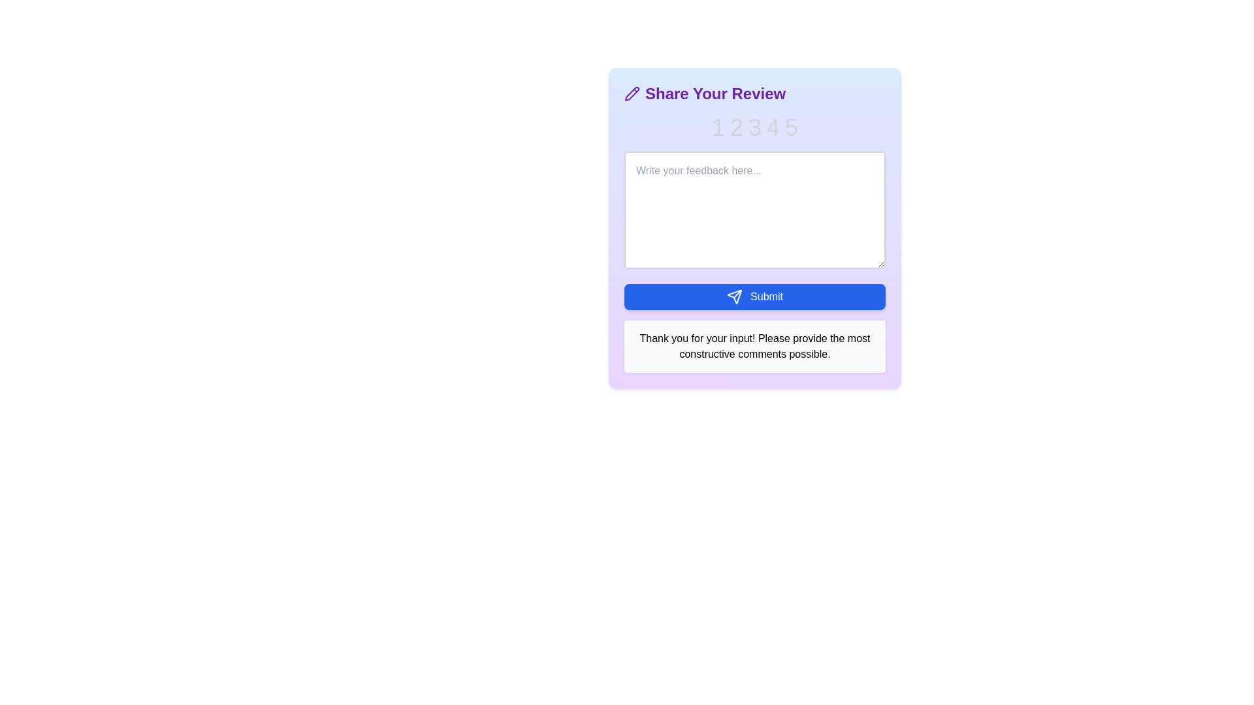 The image size is (1254, 705). What do you see at coordinates (755, 128) in the screenshot?
I see `the rating button corresponding to 3` at bounding box center [755, 128].